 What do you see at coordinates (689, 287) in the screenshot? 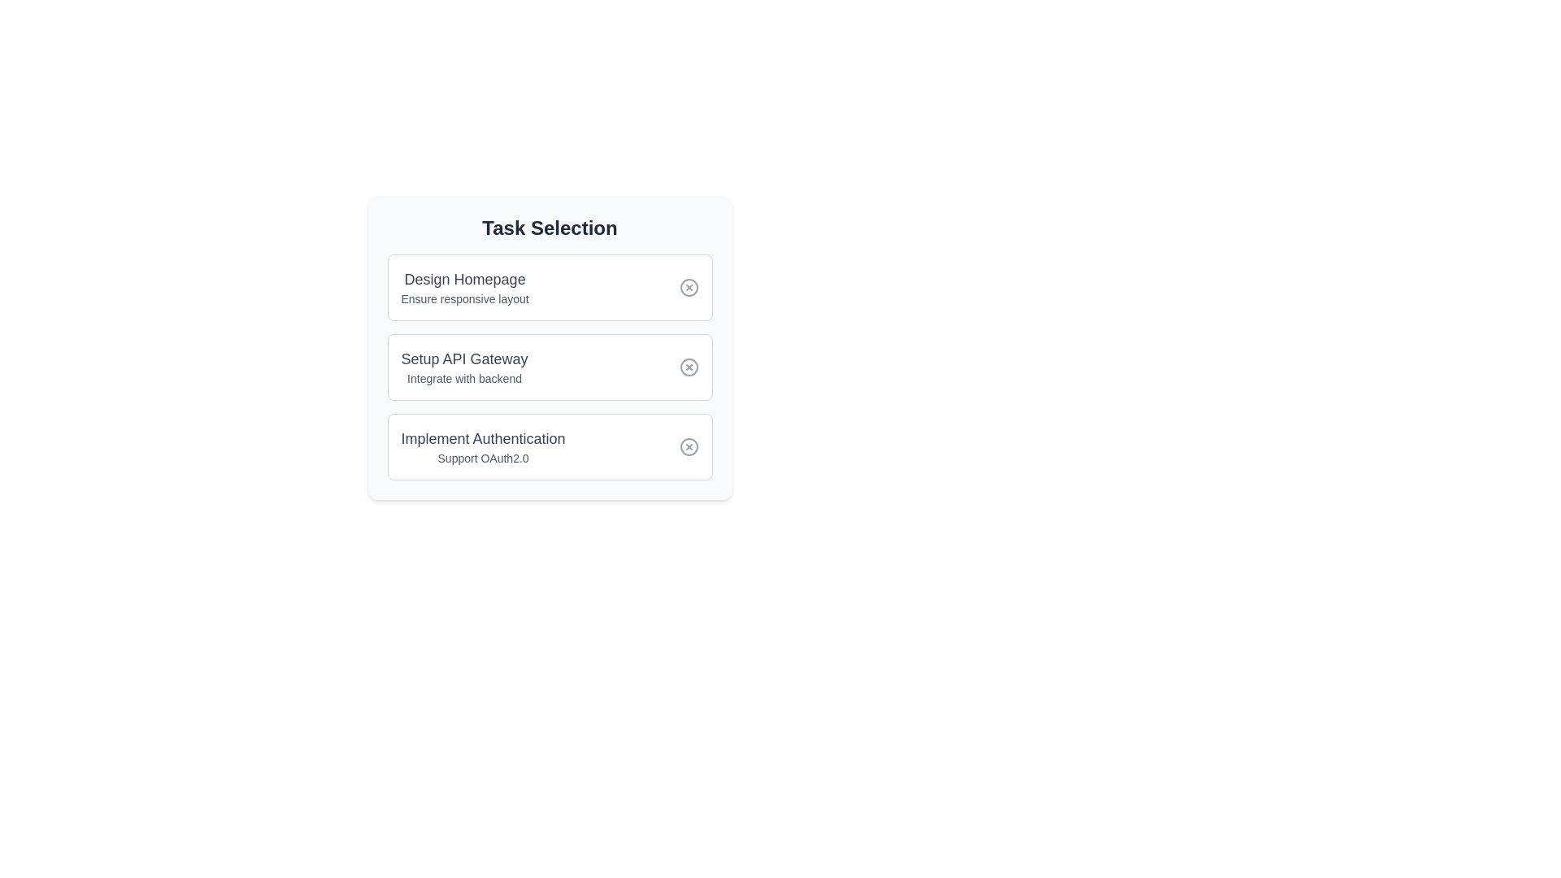
I see `SVG circle element, which is part of a circular icon in the task card labeled 'Design Homepage', located at the top-right corner of the card` at bounding box center [689, 287].